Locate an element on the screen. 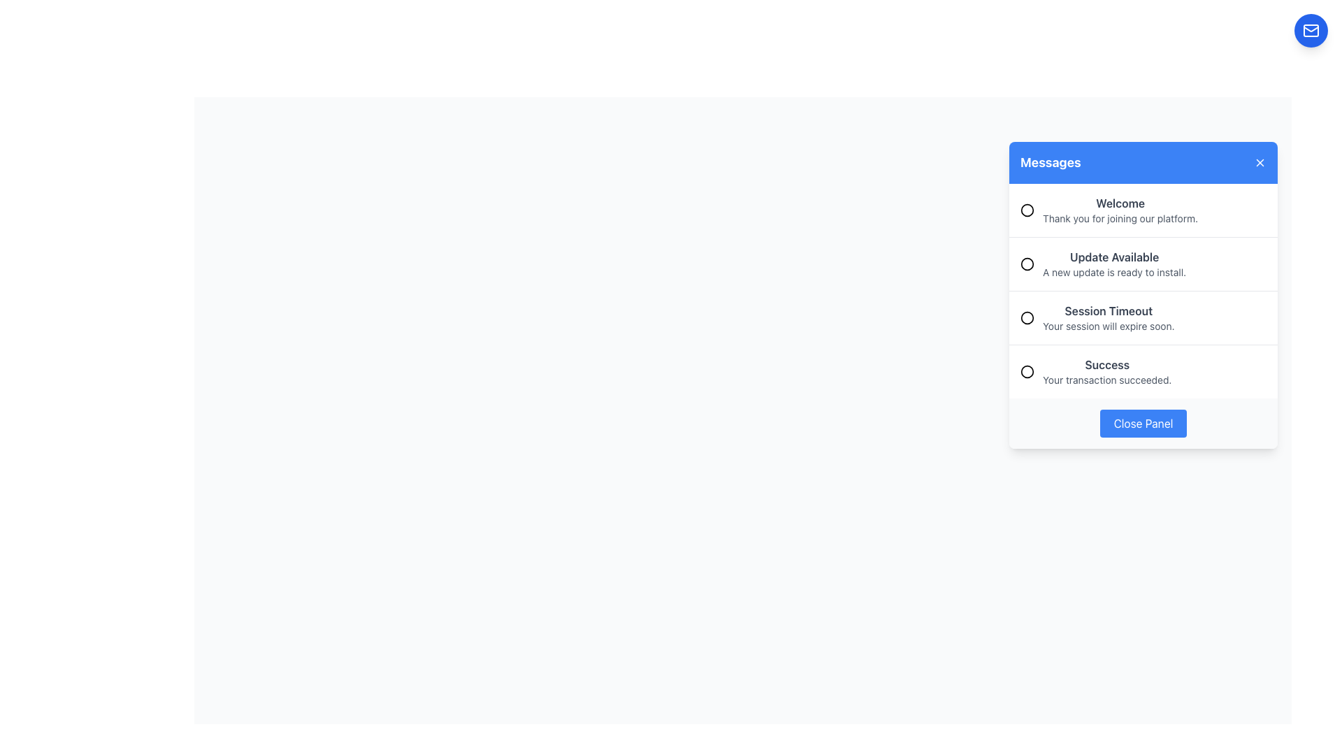  the success status icon located to the left of the 'Success' text in the Messages panel, which is positioned at the bottom-most item of the list is located at coordinates (1027, 371).